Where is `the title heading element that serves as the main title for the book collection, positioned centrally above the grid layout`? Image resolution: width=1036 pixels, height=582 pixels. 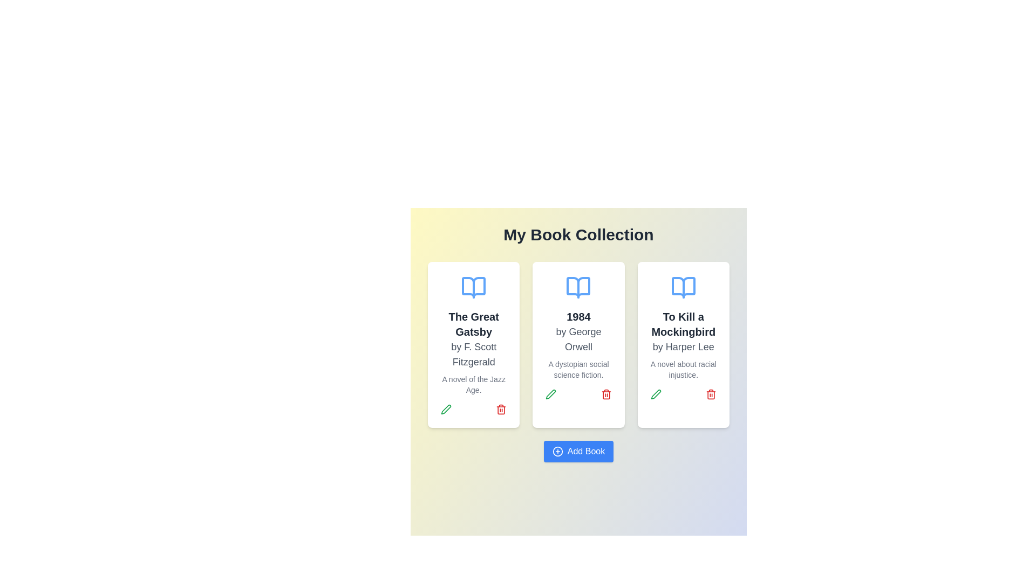
the title heading element that serves as the main title for the book collection, positioned centrally above the grid layout is located at coordinates (578, 234).